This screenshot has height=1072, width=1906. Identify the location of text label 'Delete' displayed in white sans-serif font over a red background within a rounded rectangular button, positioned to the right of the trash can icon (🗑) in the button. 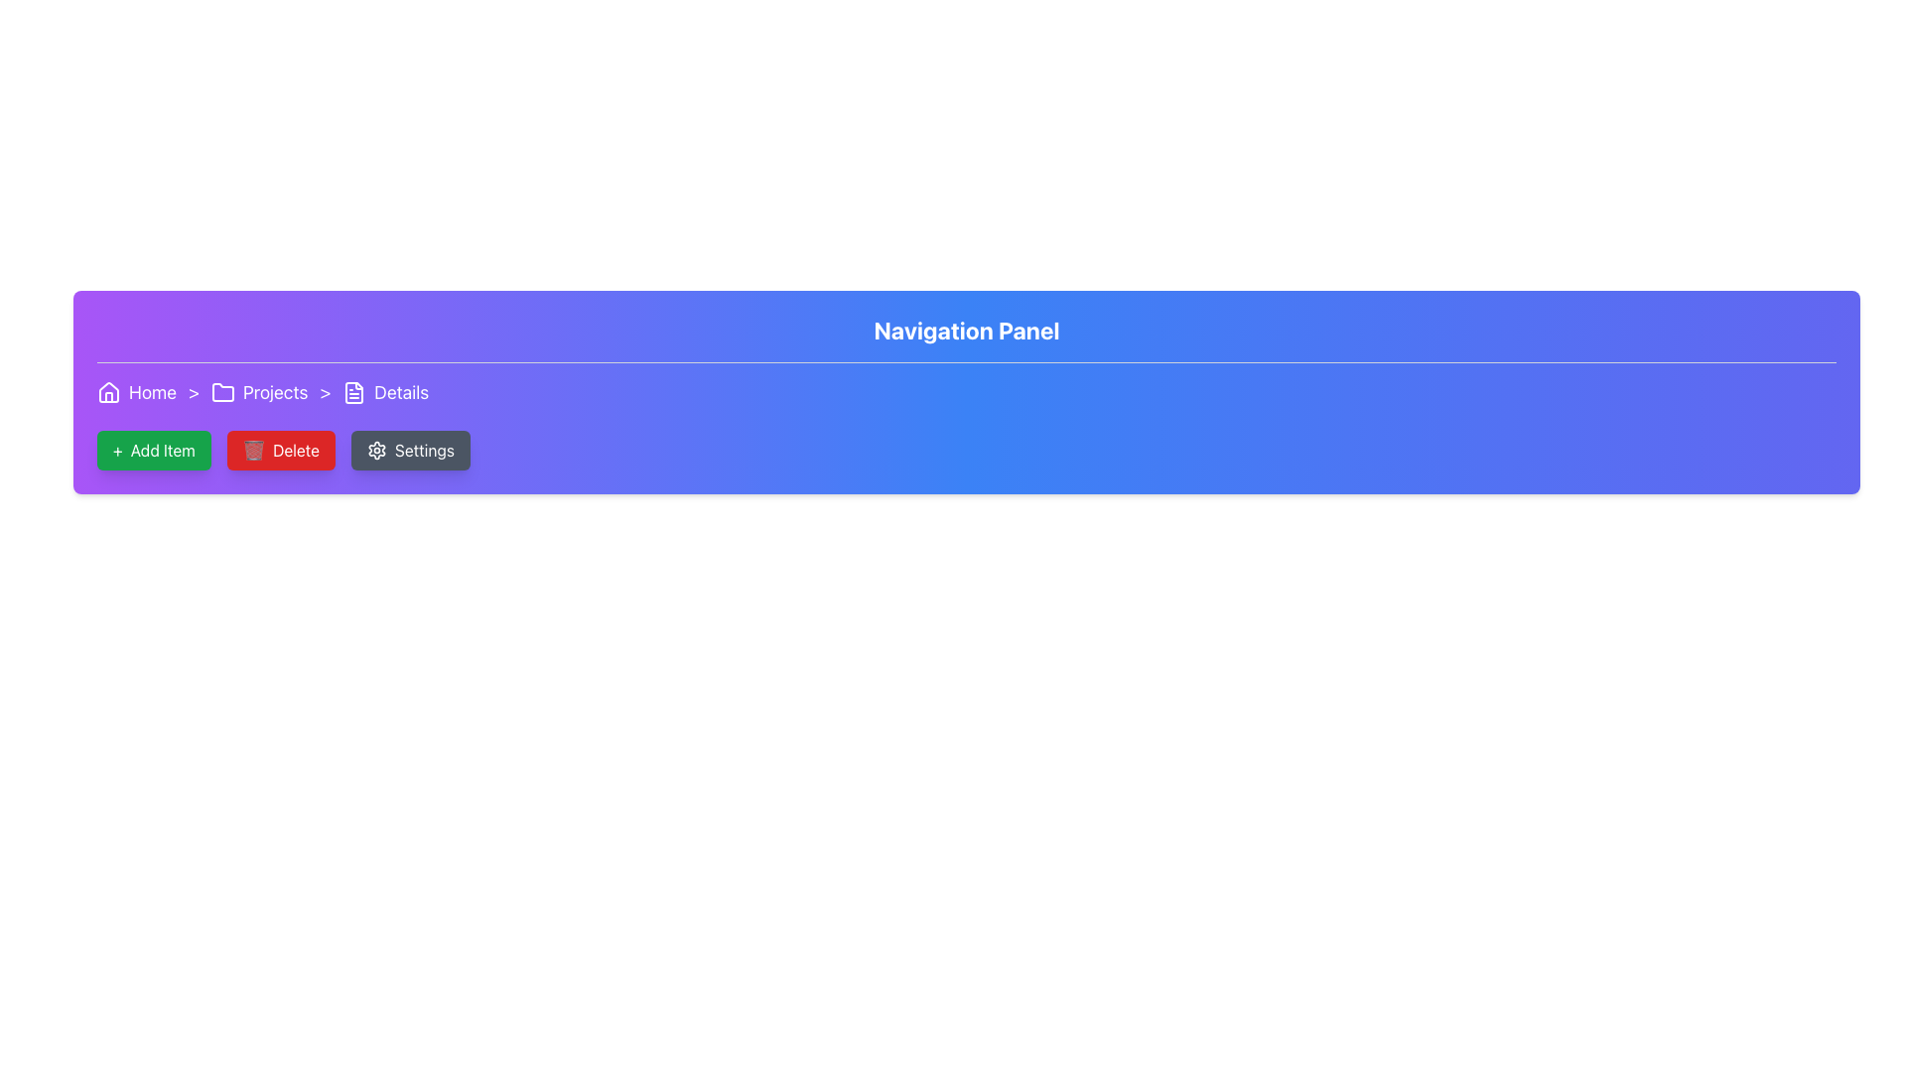
(295, 451).